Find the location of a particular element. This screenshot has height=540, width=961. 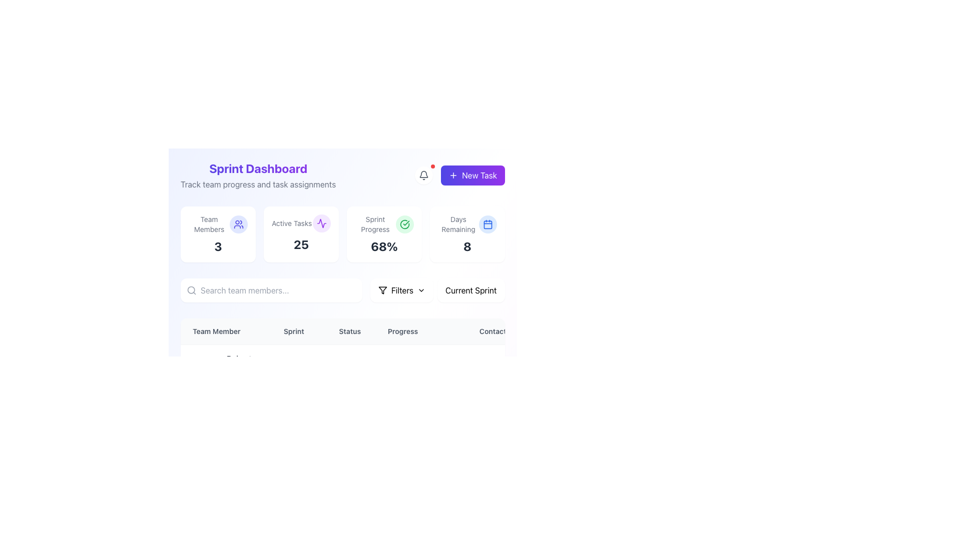

the Card component that summarizes progress in a sprint, indicating 68% completion, located in the third position within a grid layout at the top of the interface is located at coordinates (384, 234).